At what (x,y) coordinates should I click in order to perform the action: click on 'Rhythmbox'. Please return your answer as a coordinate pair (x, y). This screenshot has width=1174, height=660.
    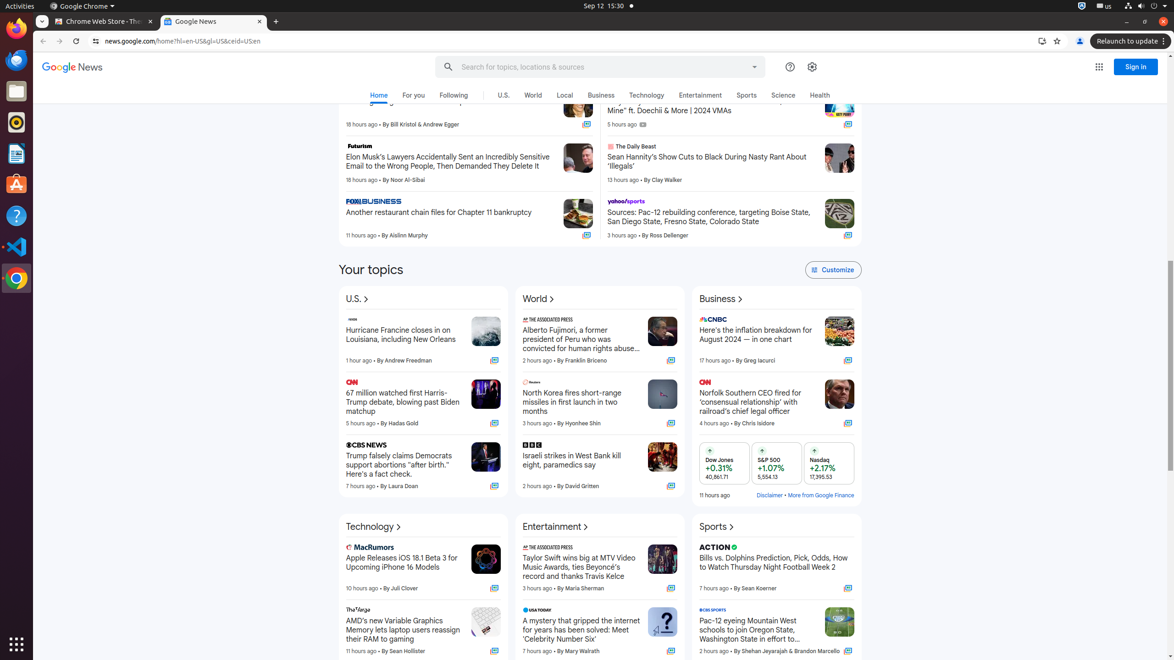
    Looking at the image, I should click on (17, 121).